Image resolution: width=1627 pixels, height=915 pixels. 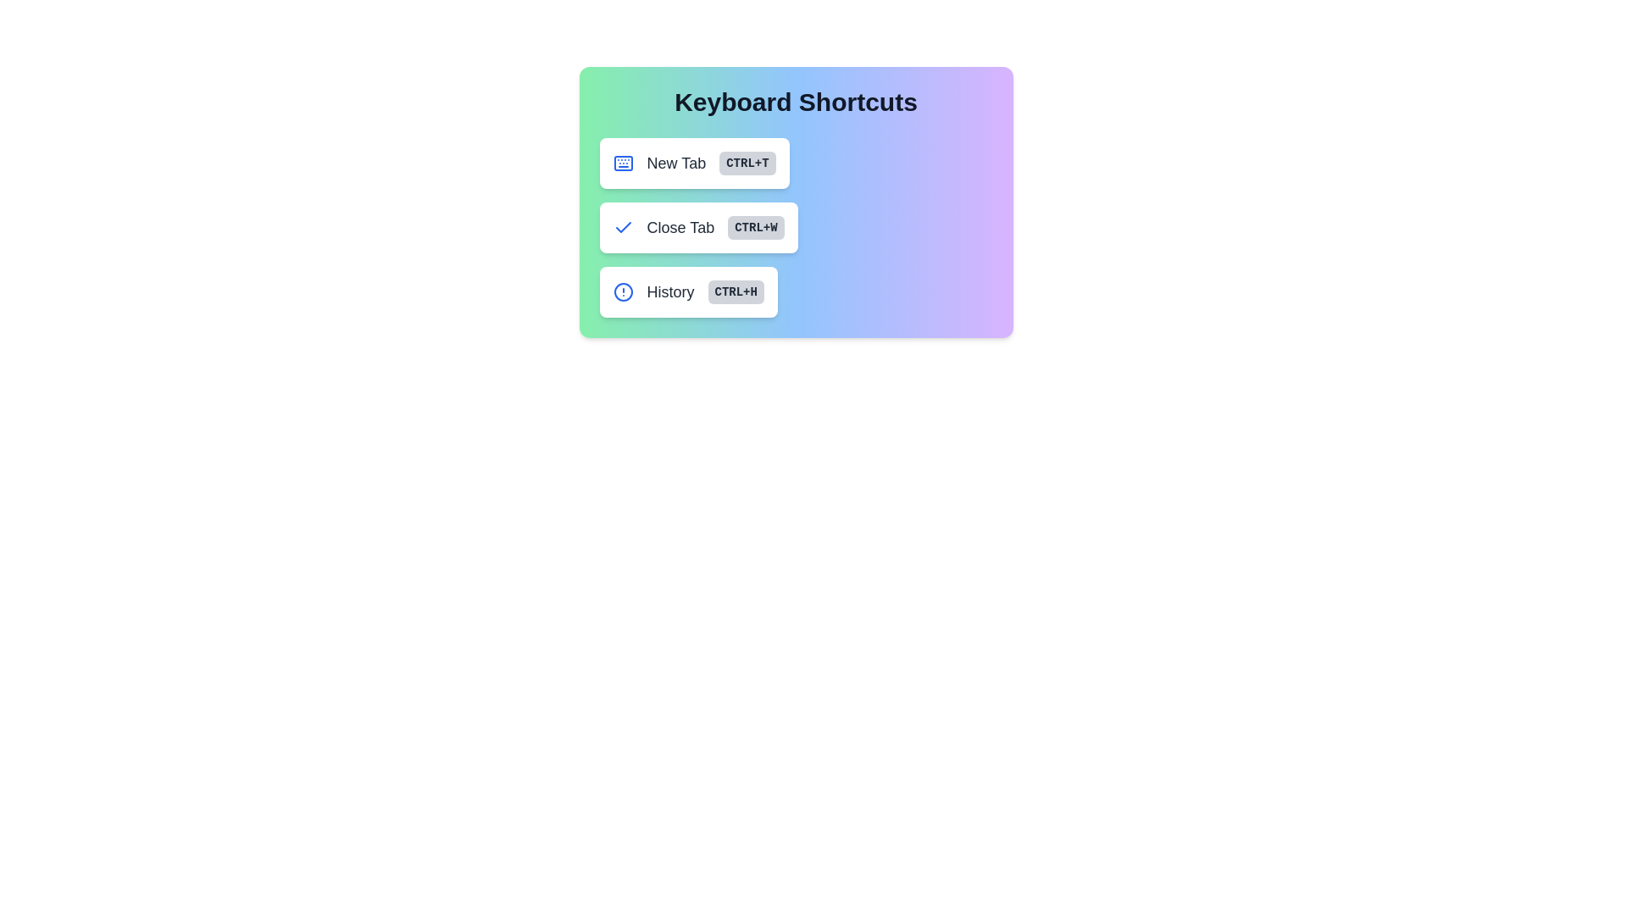 What do you see at coordinates (680, 227) in the screenshot?
I see `the static text label that describes the option for closing a tab with the keyboard shortcut 'Ctrl+W'` at bounding box center [680, 227].